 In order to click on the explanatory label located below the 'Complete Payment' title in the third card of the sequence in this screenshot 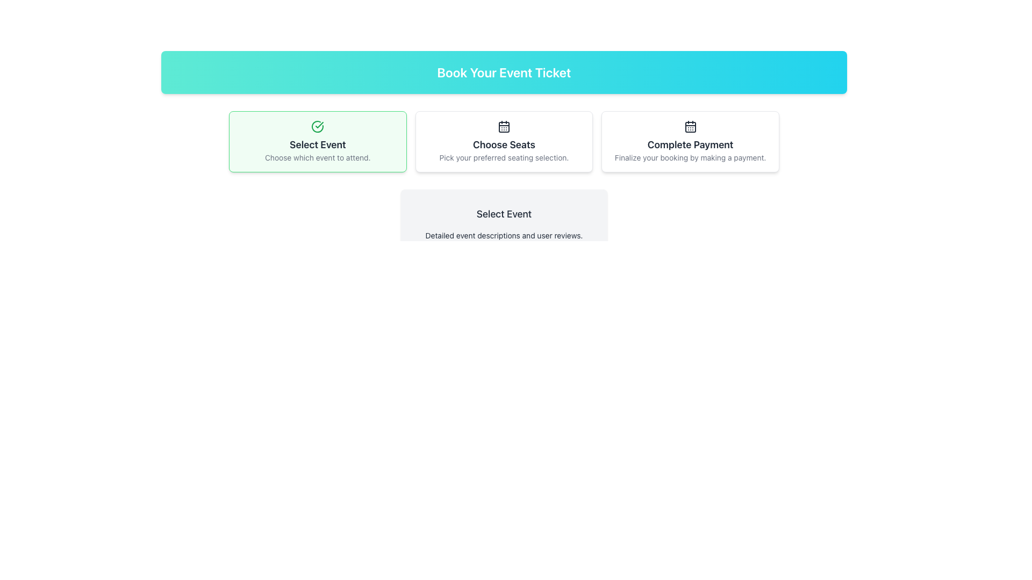, I will do `click(690, 157)`.